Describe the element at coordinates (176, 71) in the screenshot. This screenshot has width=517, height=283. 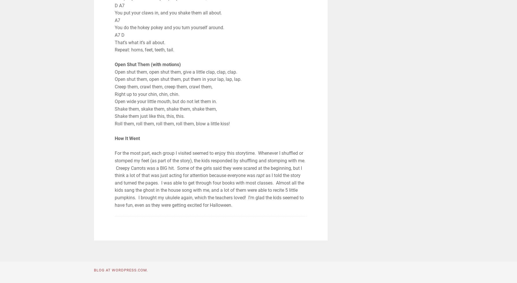
I see `'Open shut them, open shut them, give a little clap, clap, clap.'` at that location.